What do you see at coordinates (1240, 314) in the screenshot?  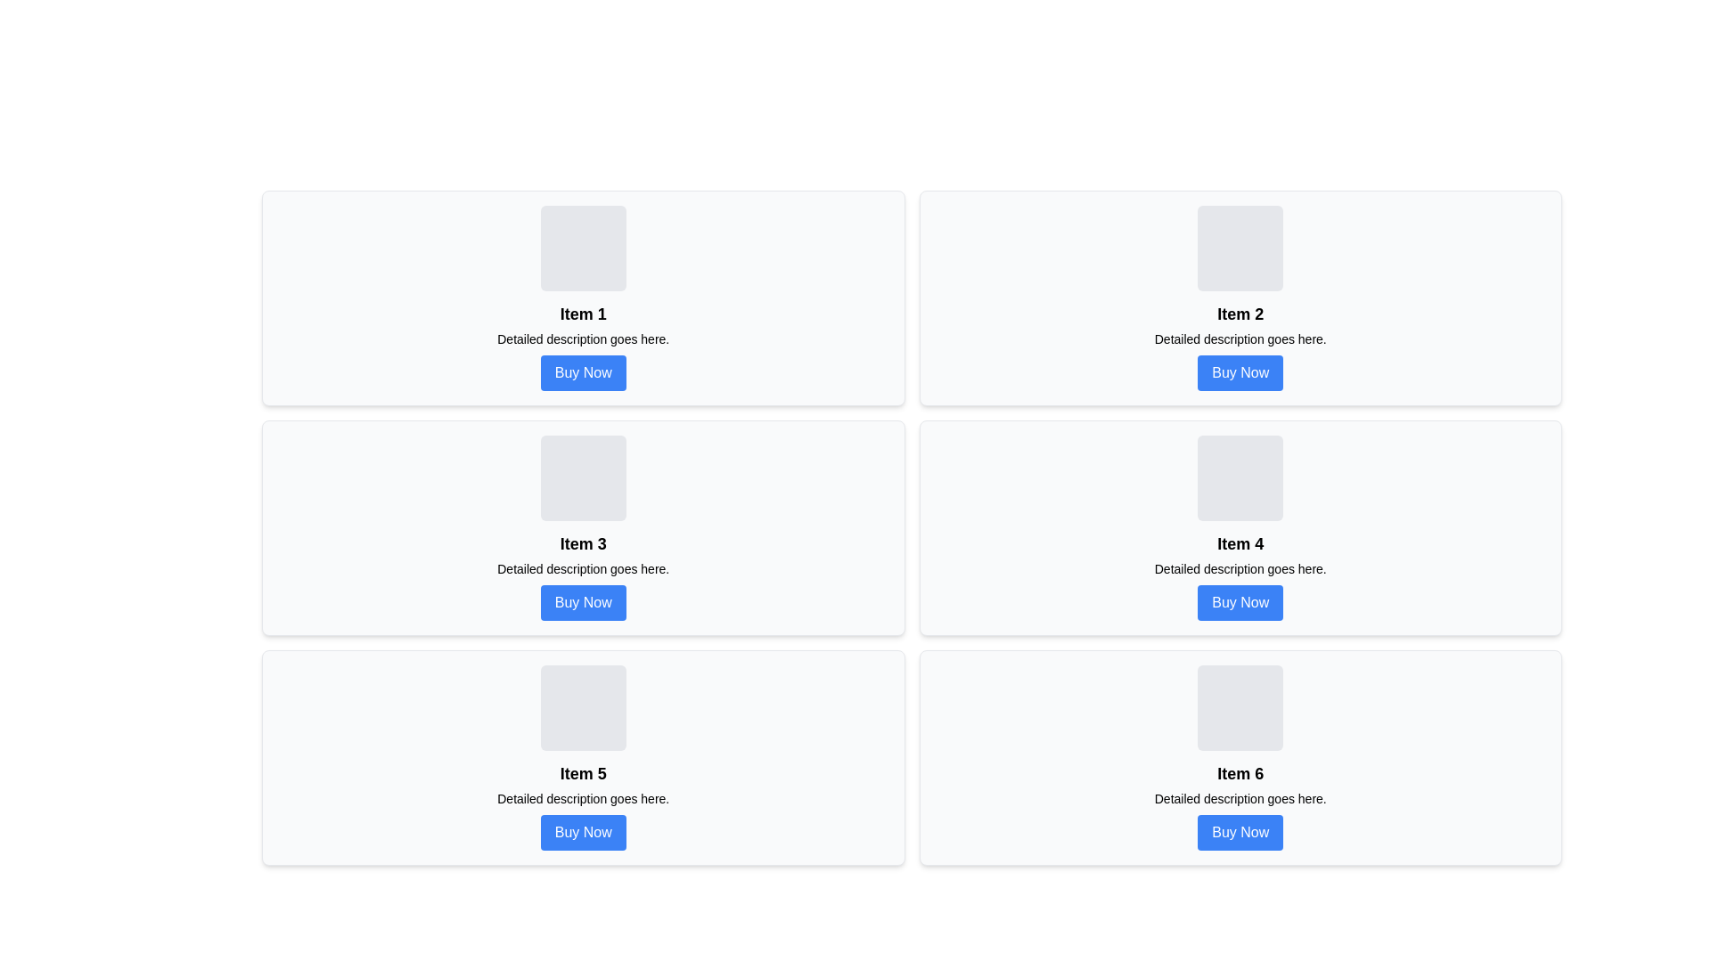 I see `the text label that displays 'Item 2', which is the title of the second item in a grid layout, located below a square placeholder image and above a descriptive text and a button` at bounding box center [1240, 314].